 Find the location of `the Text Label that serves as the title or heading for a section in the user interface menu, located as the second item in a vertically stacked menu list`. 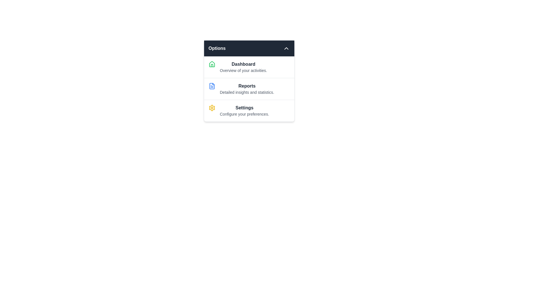

the Text Label that serves as the title or heading for a section in the user interface menu, located as the second item in a vertically stacked menu list is located at coordinates (247, 86).